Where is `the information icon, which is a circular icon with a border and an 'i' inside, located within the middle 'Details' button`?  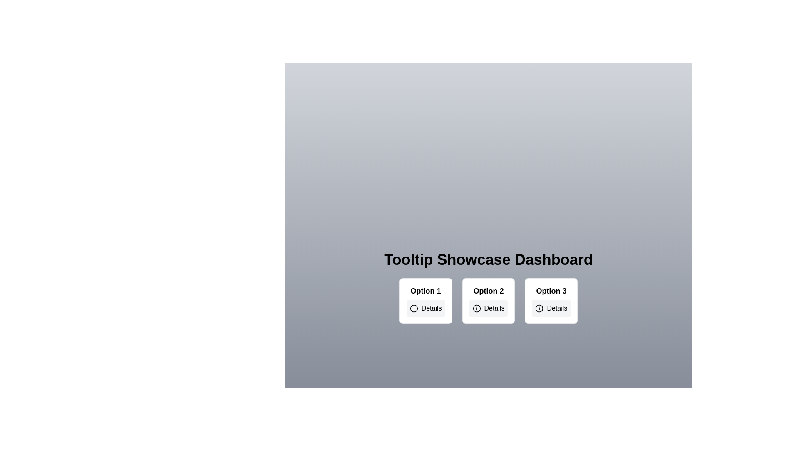 the information icon, which is a circular icon with a border and an 'i' inside, located within the middle 'Details' button is located at coordinates (476, 308).